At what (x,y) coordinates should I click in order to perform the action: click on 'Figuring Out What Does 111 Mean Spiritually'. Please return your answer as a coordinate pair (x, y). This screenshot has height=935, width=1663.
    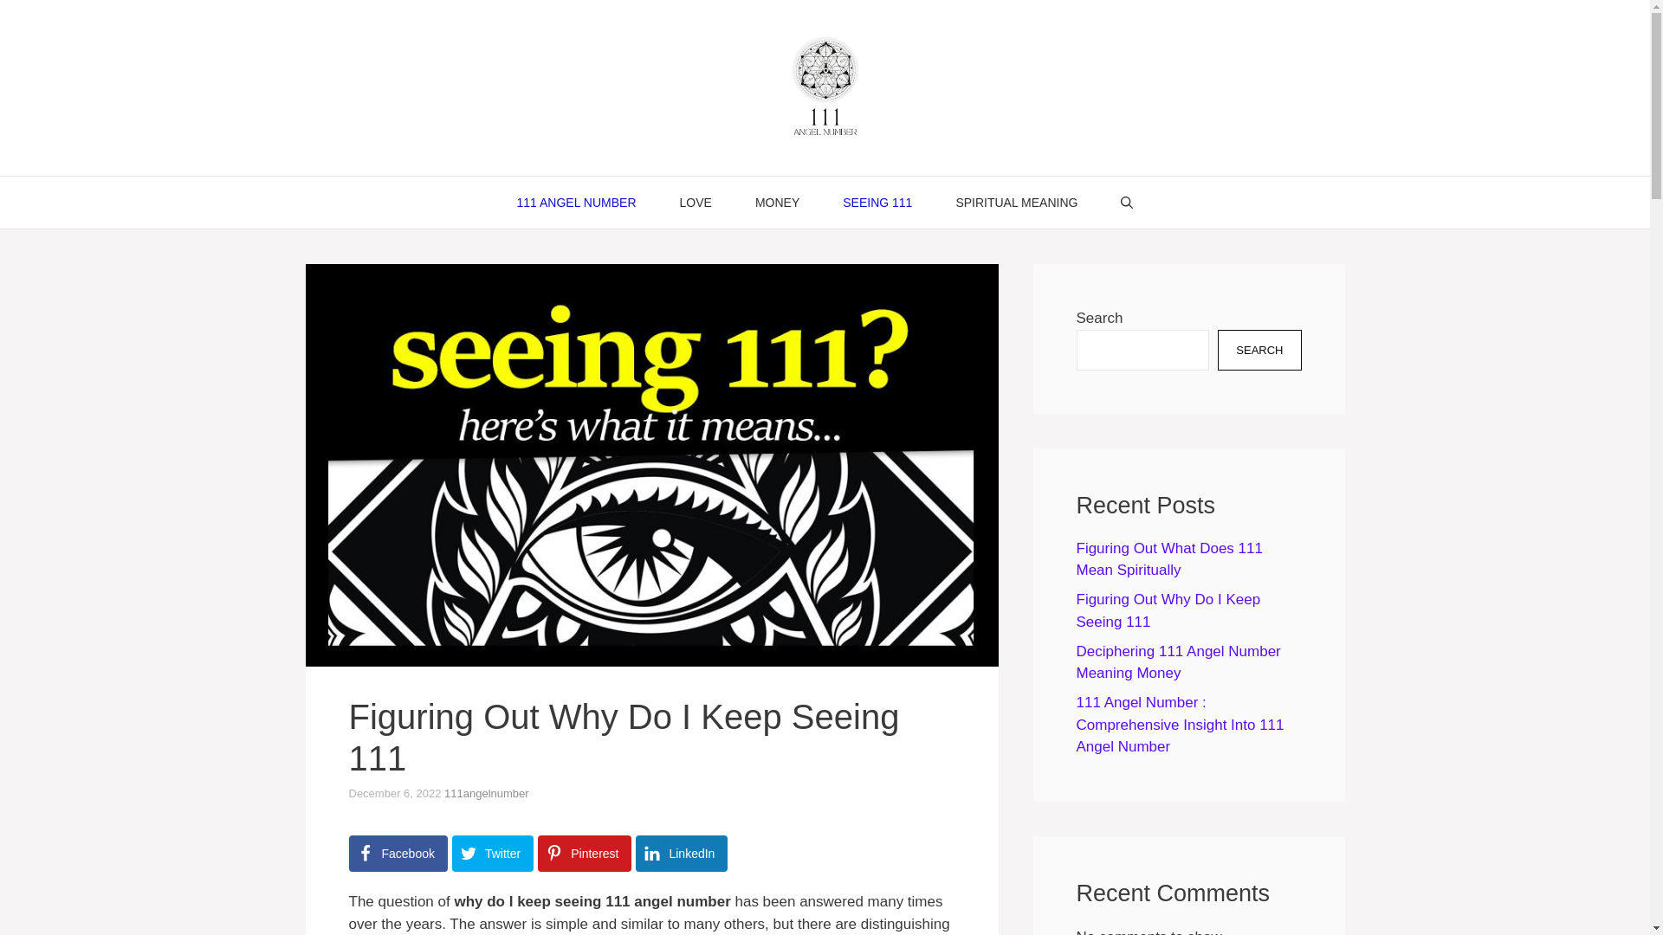
    Looking at the image, I should click on (1168, 559).